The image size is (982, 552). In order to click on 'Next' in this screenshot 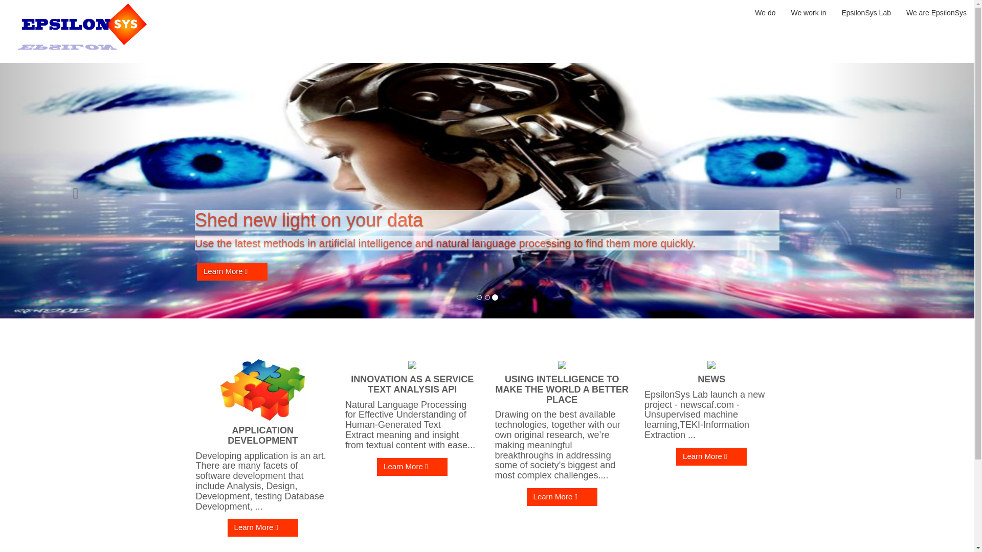, I will do `click(901, 191)`.